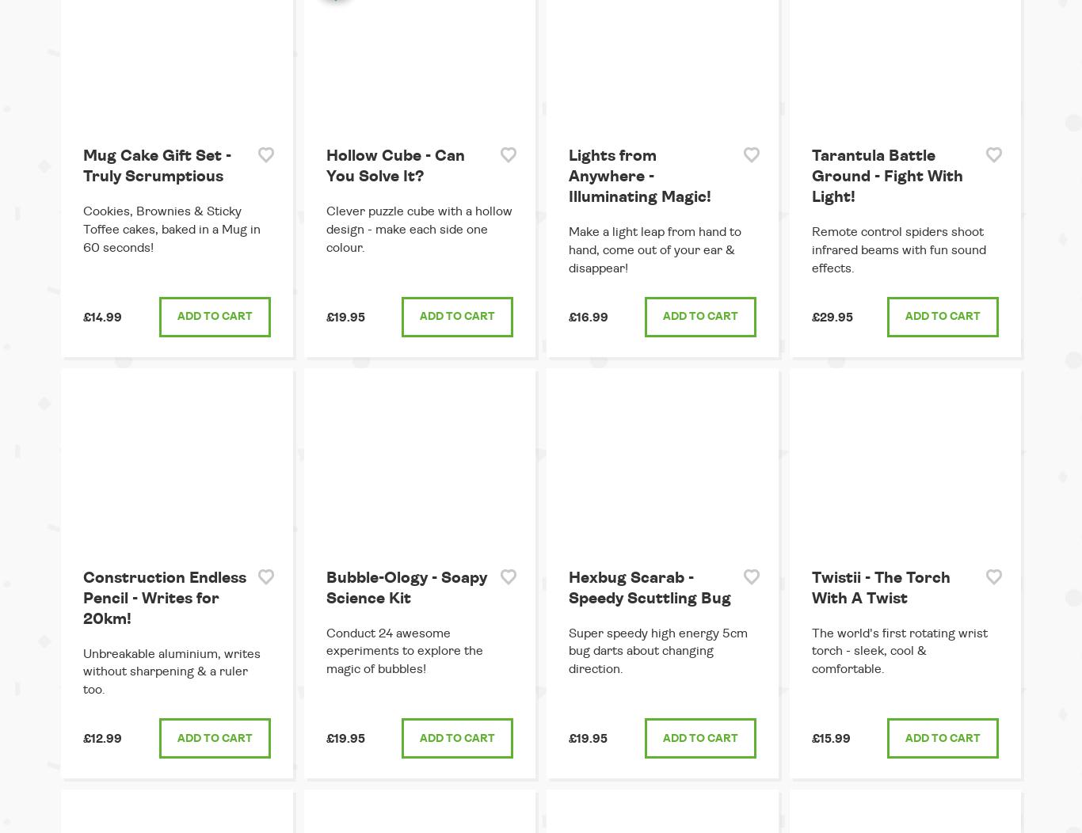 Image resolution: width=1082 pixels, height=833 pixels. I want to click on '£14.99', so click(101, 316).